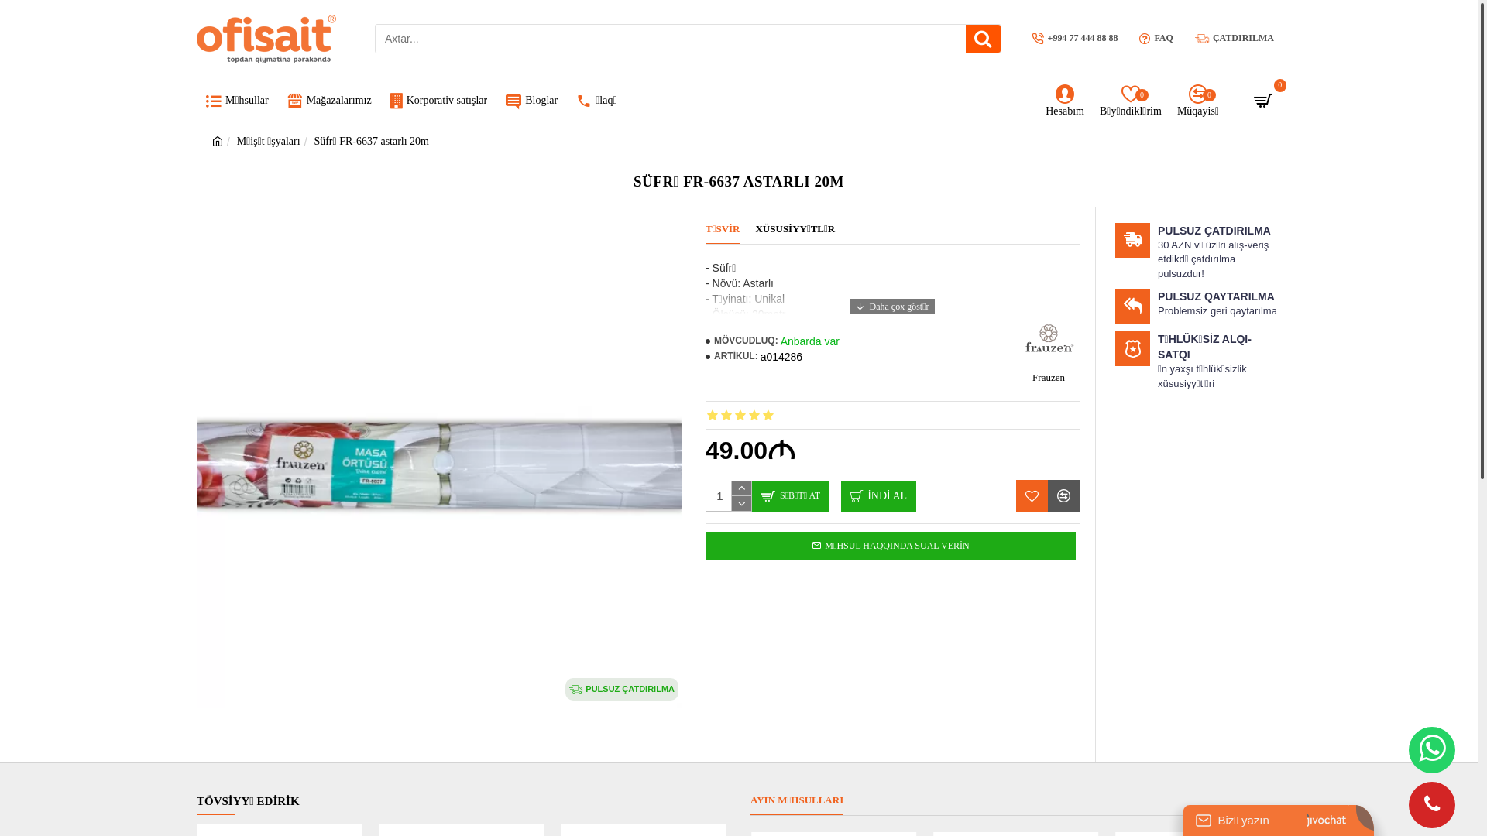  What do you see at coordinates (1265, 101) in the screenshot?
I see `'0'` at bounding box center [1265, 101].